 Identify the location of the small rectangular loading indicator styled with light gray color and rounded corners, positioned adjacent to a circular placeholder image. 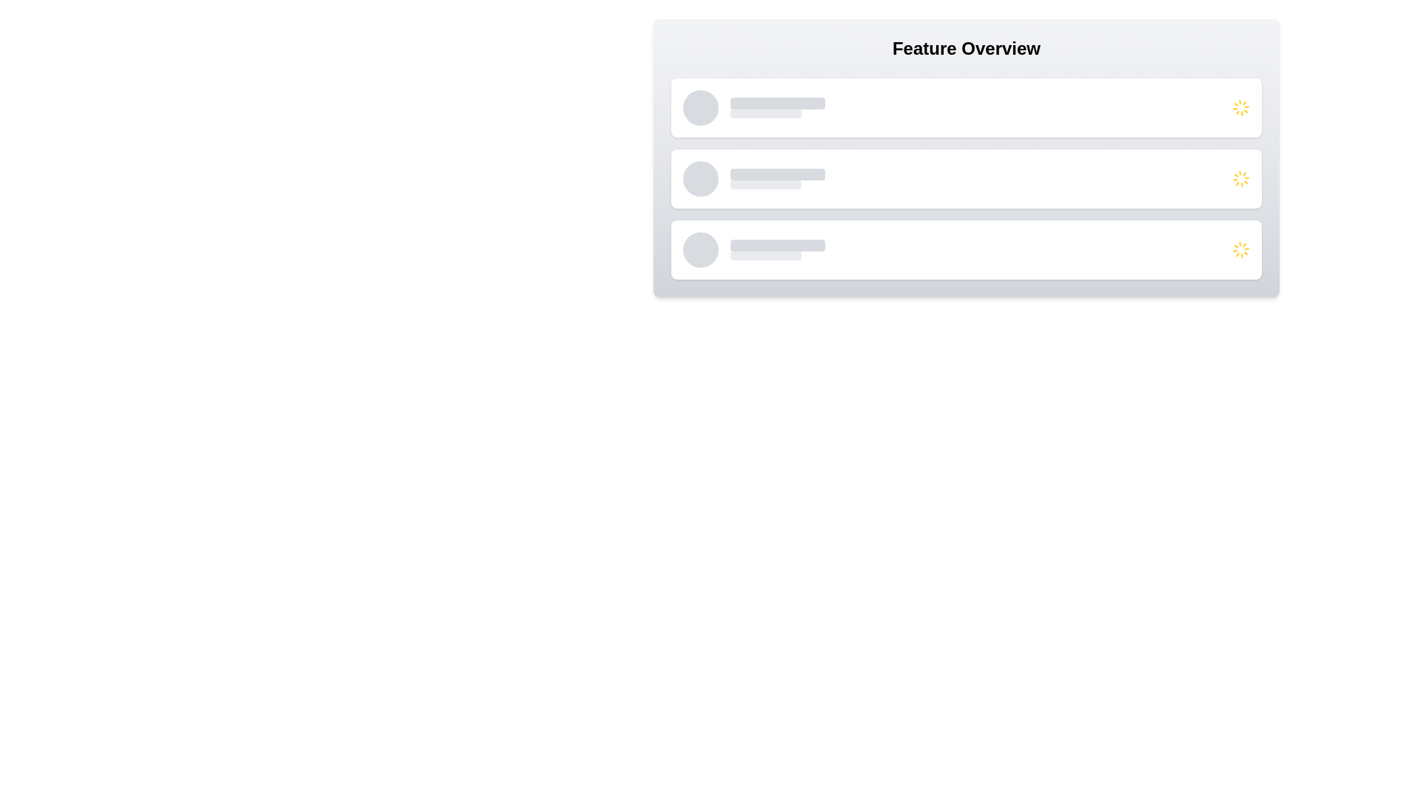
(766, 113).